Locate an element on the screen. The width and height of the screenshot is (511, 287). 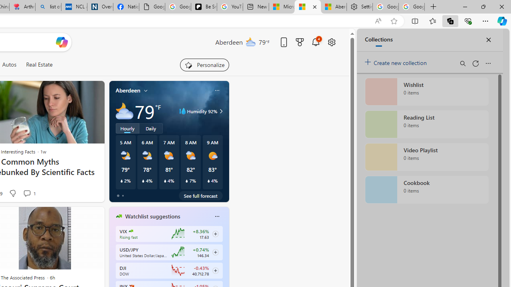
'Class: weather-arrow-glyph' is located at coordinates (221, 111).